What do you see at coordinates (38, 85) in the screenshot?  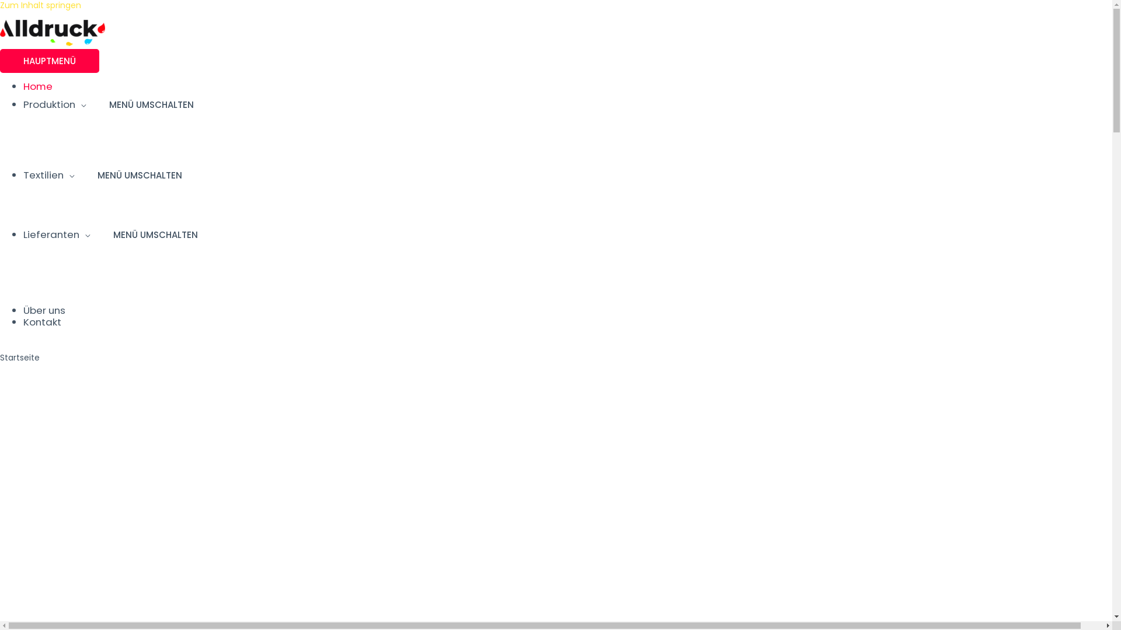 I see `'Home'` at bounding box center [38, 85].